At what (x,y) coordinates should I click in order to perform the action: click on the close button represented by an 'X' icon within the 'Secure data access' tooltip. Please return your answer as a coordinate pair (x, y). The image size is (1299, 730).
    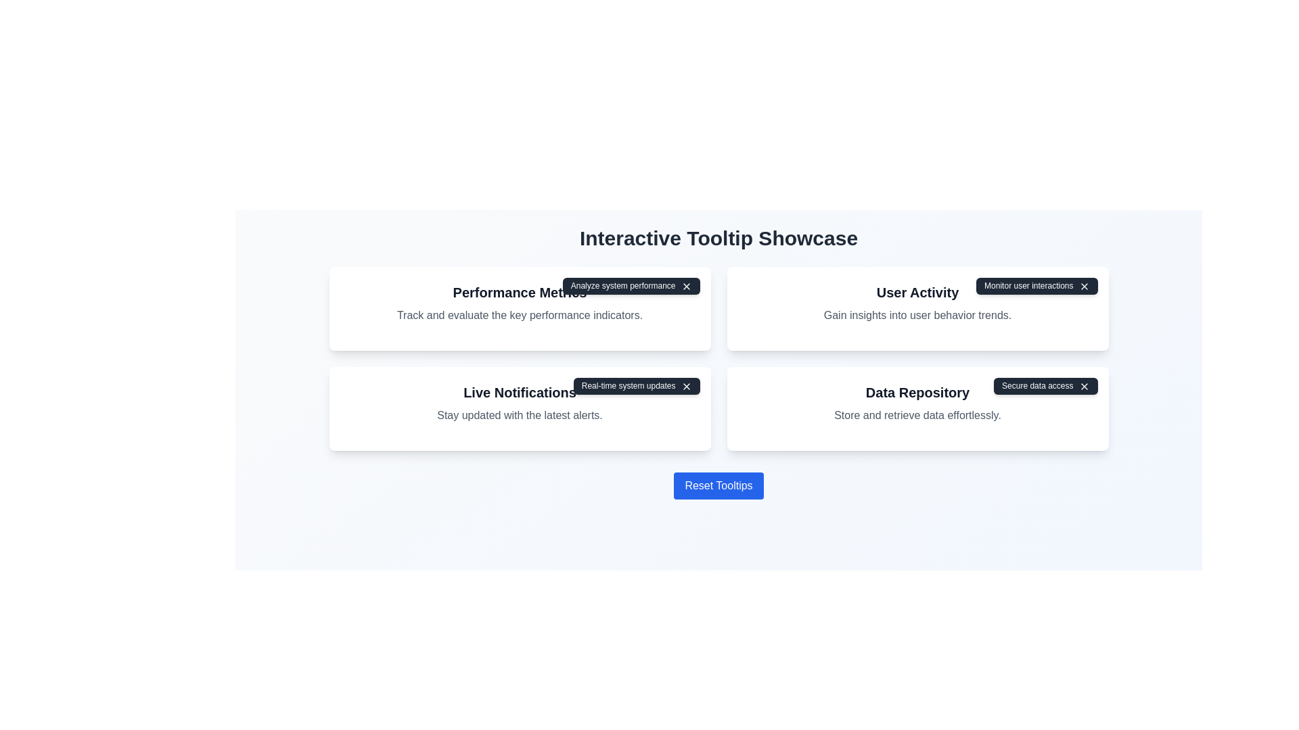
    Looking at the image, I should click on (1084, 386).